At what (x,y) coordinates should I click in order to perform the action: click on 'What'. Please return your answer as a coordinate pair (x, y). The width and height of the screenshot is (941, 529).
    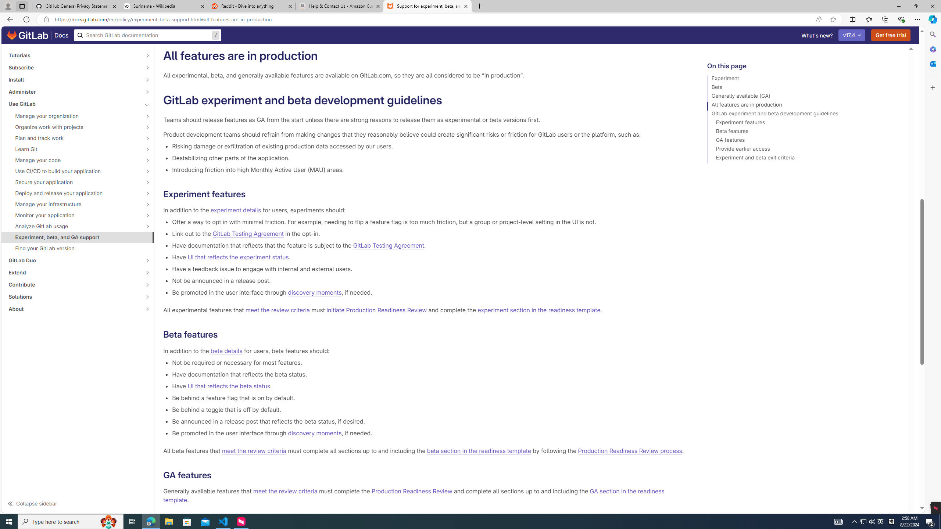
    Looking at the image, I should click on (816, 35).